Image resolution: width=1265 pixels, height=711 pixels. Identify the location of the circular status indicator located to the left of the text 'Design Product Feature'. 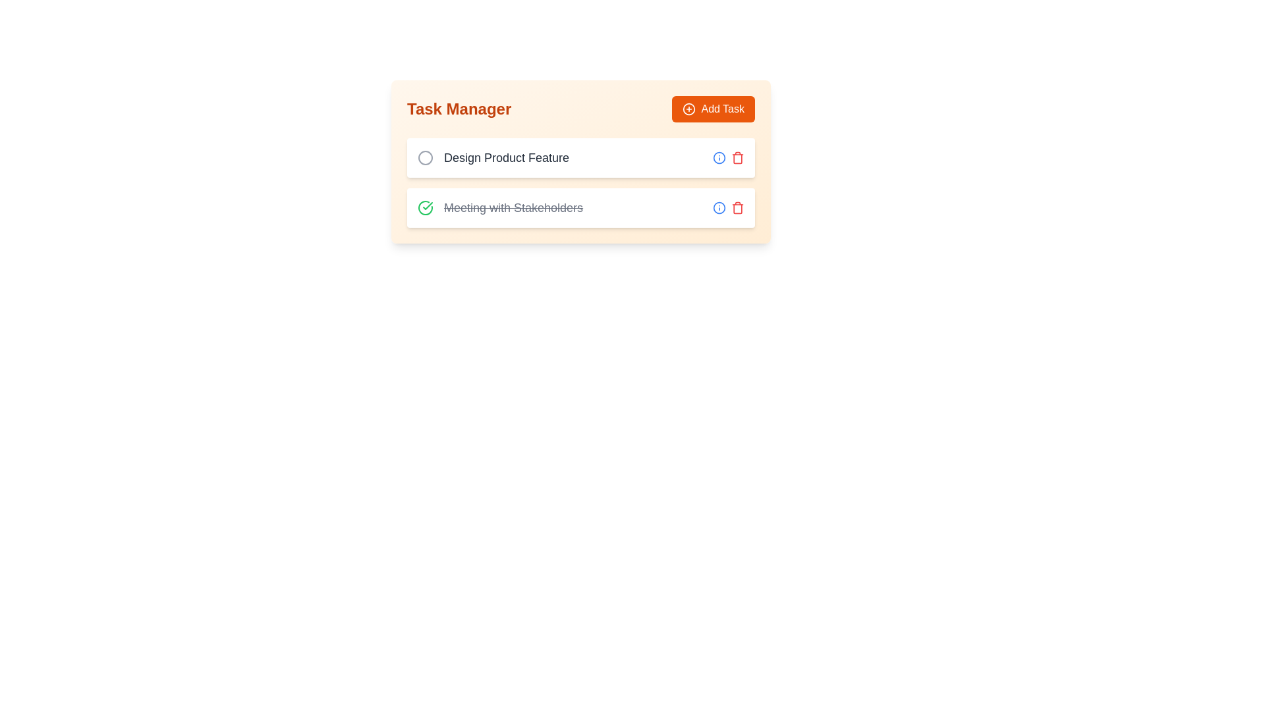
(426, 157).